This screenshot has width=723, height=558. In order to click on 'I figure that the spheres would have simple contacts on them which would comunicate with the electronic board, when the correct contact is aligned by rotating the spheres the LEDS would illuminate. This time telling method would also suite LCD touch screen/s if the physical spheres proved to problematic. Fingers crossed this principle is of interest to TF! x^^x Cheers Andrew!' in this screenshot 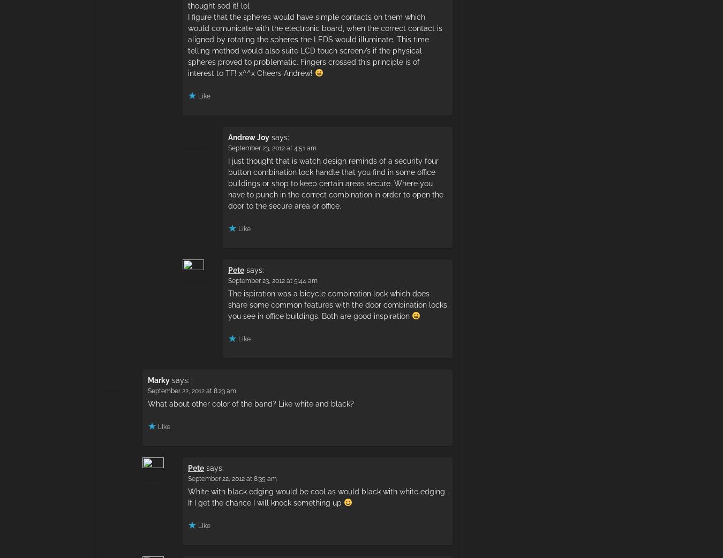, I will do `click(188, 44)`.